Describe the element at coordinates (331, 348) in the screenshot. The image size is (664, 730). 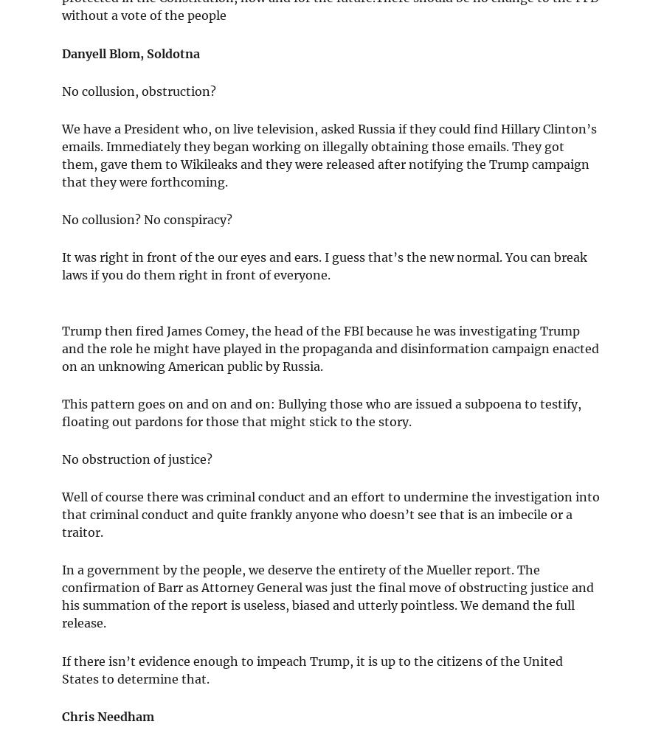
I see `'Trump then fired James Comey, the head of the FBI because he was investigating Trump and the role he might have played in the propaganda and disinformation campaign enacted on an unknowing American public by Russia.'` at that location.